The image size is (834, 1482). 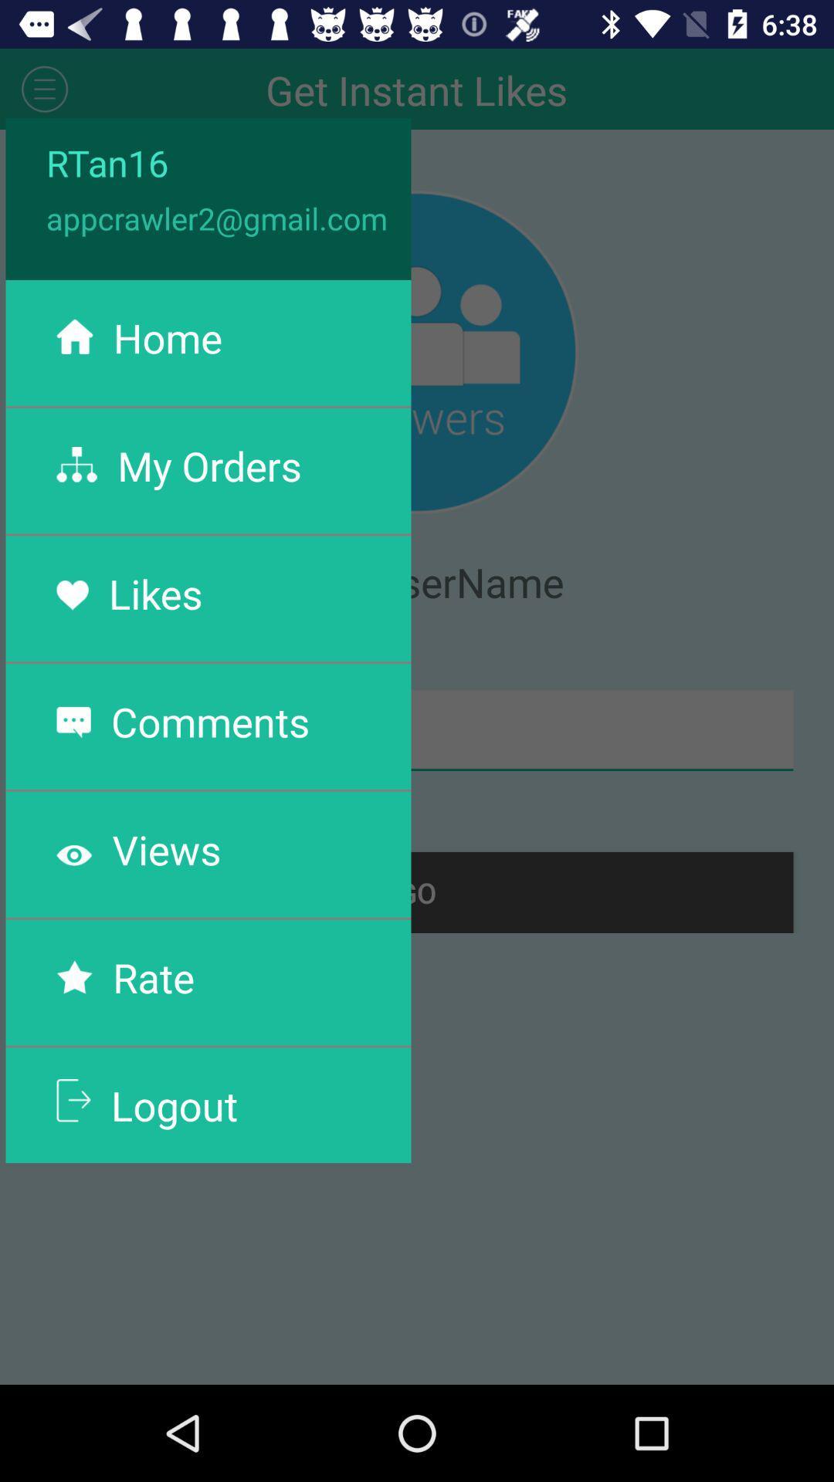 What do you see at coordinates (209, 465) in the screenshot?
I see `the my orders item` at bounding box center [209, 465].